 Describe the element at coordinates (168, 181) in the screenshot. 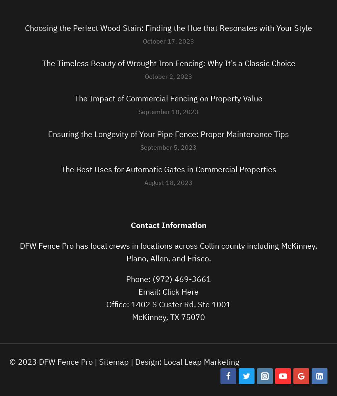

I see `'August 18, 2023'` at that location.